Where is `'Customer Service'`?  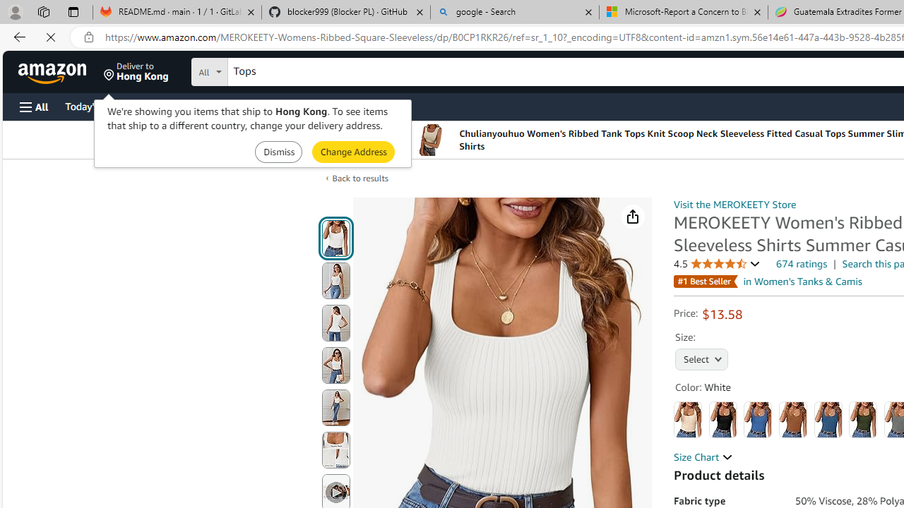
'Customer Service' is located at coordinates (180, 105).